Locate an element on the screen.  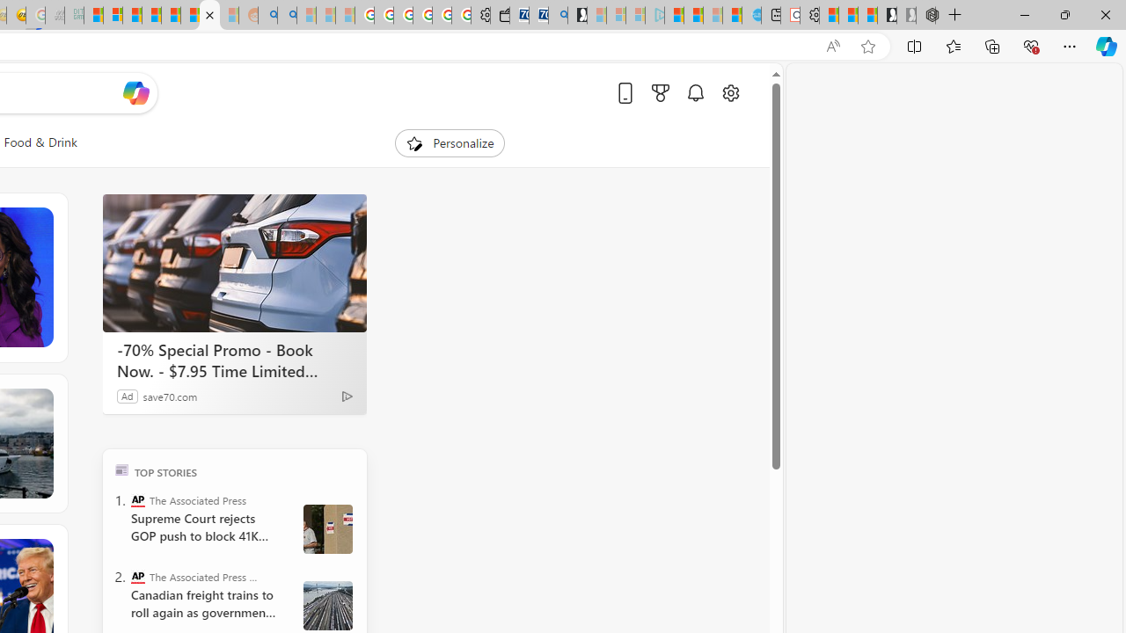
'Utah sues federal government - Search' is located at coordinates (287, 15).